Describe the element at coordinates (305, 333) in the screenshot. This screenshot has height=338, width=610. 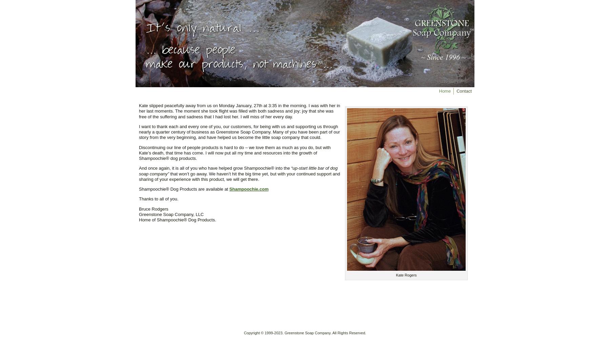
I see `'Copyright © 1999-2023. Greenstone Soap Company. All Rights Reserved.'` at that location.